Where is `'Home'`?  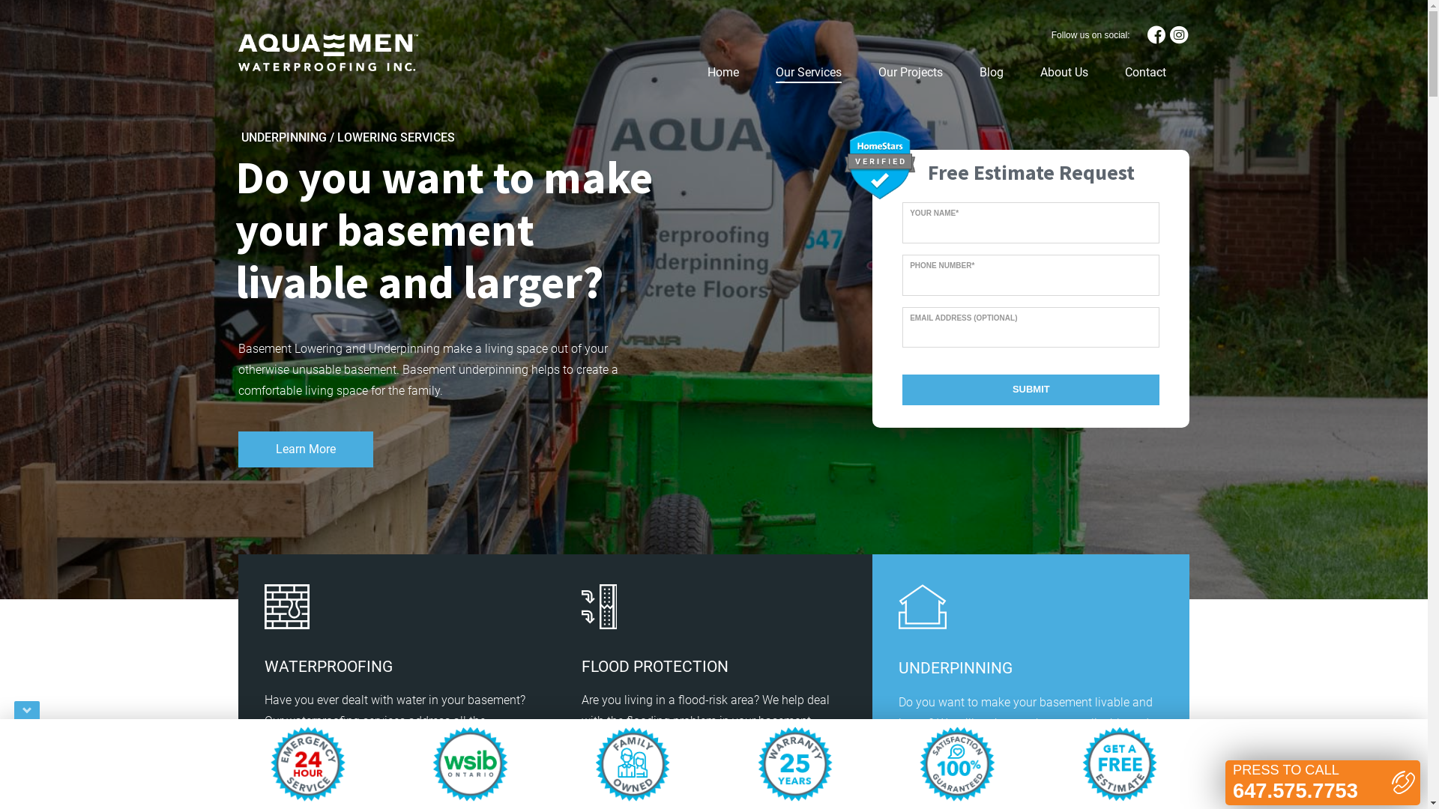 'Home' is located at coordinates (697, 72).